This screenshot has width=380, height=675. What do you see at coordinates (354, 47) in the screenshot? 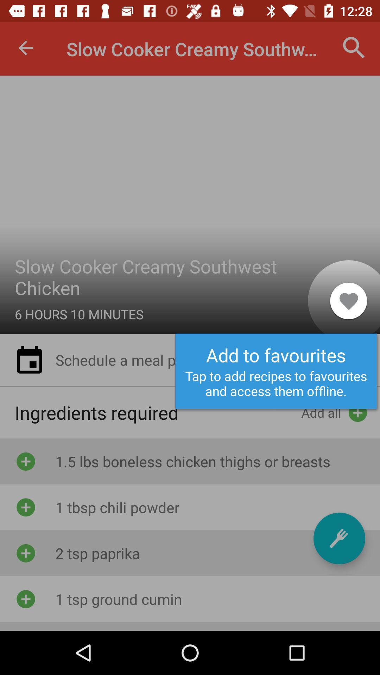
I see `item to the right of slow cooker creamy` at bounding box center [354, 47].